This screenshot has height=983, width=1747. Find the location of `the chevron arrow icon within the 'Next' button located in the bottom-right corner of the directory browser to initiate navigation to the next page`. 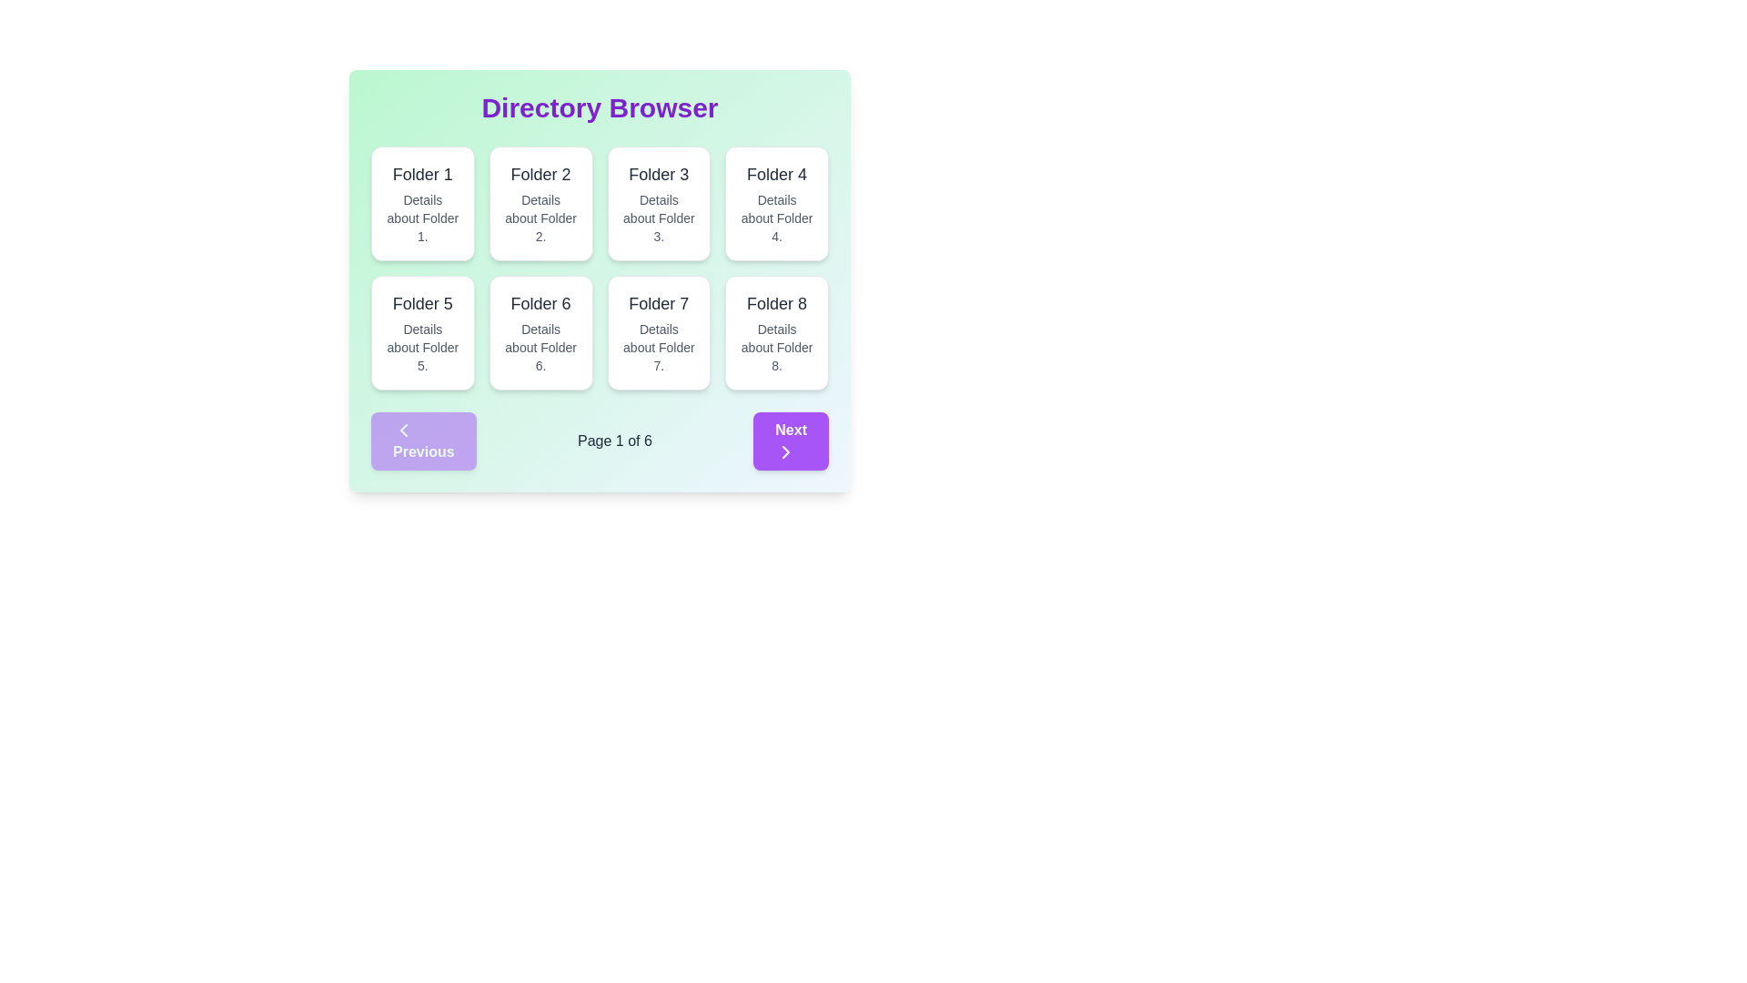

the chevron arrow icon within the 'Next' button located in the bottom-right corner of the directory browser to initiate navigation to the next page is located at coordinates (786, 451).